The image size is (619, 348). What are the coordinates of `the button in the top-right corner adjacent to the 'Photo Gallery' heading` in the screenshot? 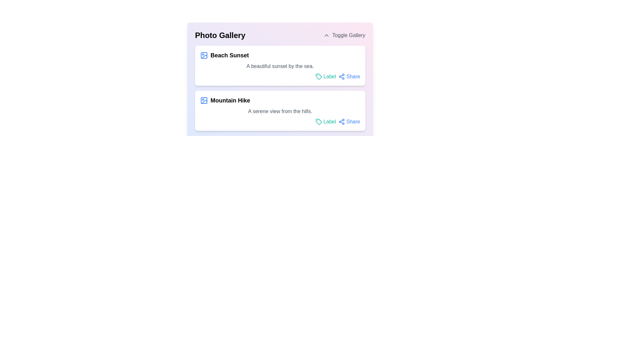 It's located at (344, 35).